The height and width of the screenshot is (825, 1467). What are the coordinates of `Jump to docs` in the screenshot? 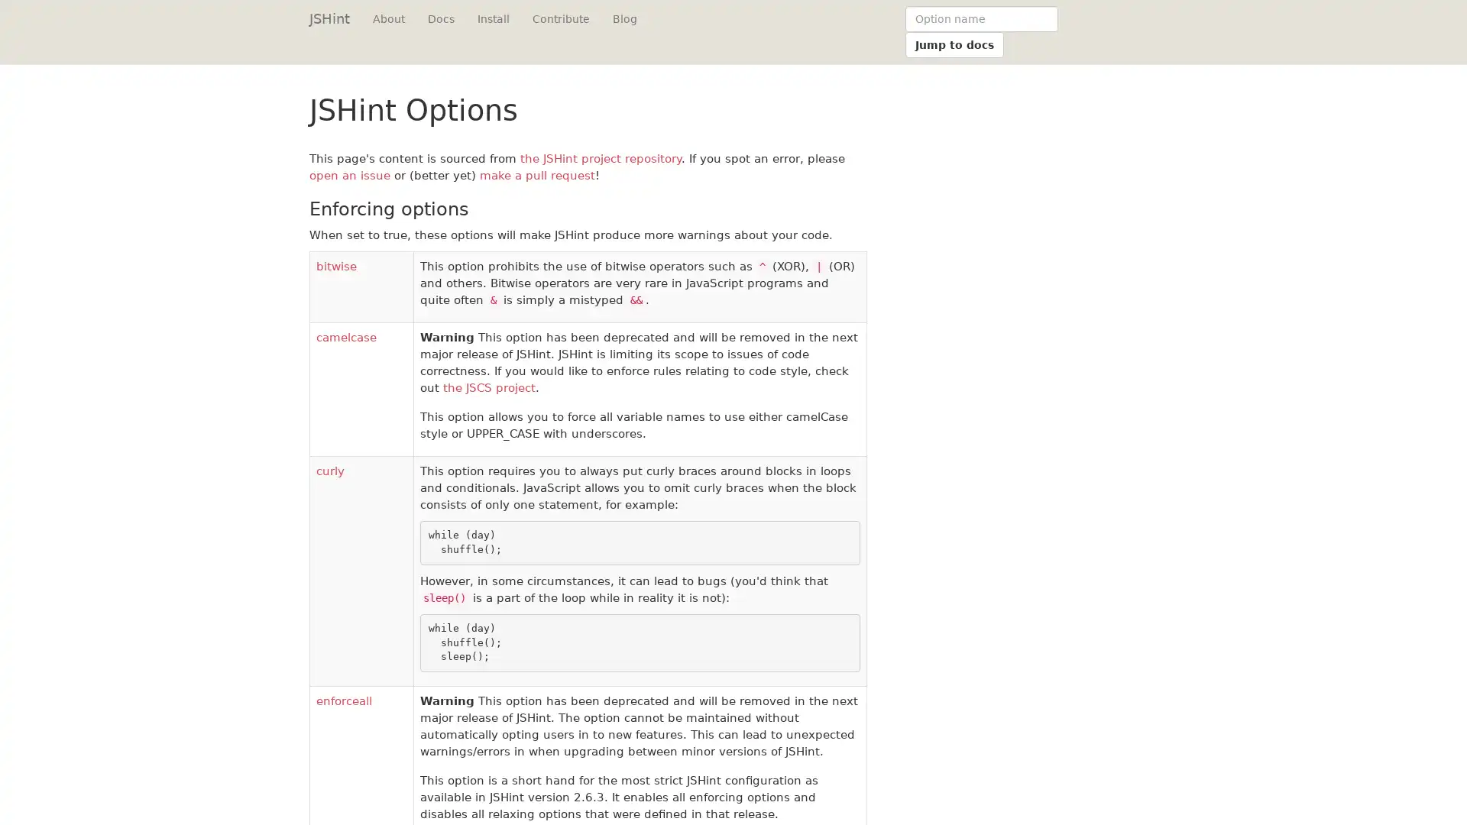 It's located at (954, 44).